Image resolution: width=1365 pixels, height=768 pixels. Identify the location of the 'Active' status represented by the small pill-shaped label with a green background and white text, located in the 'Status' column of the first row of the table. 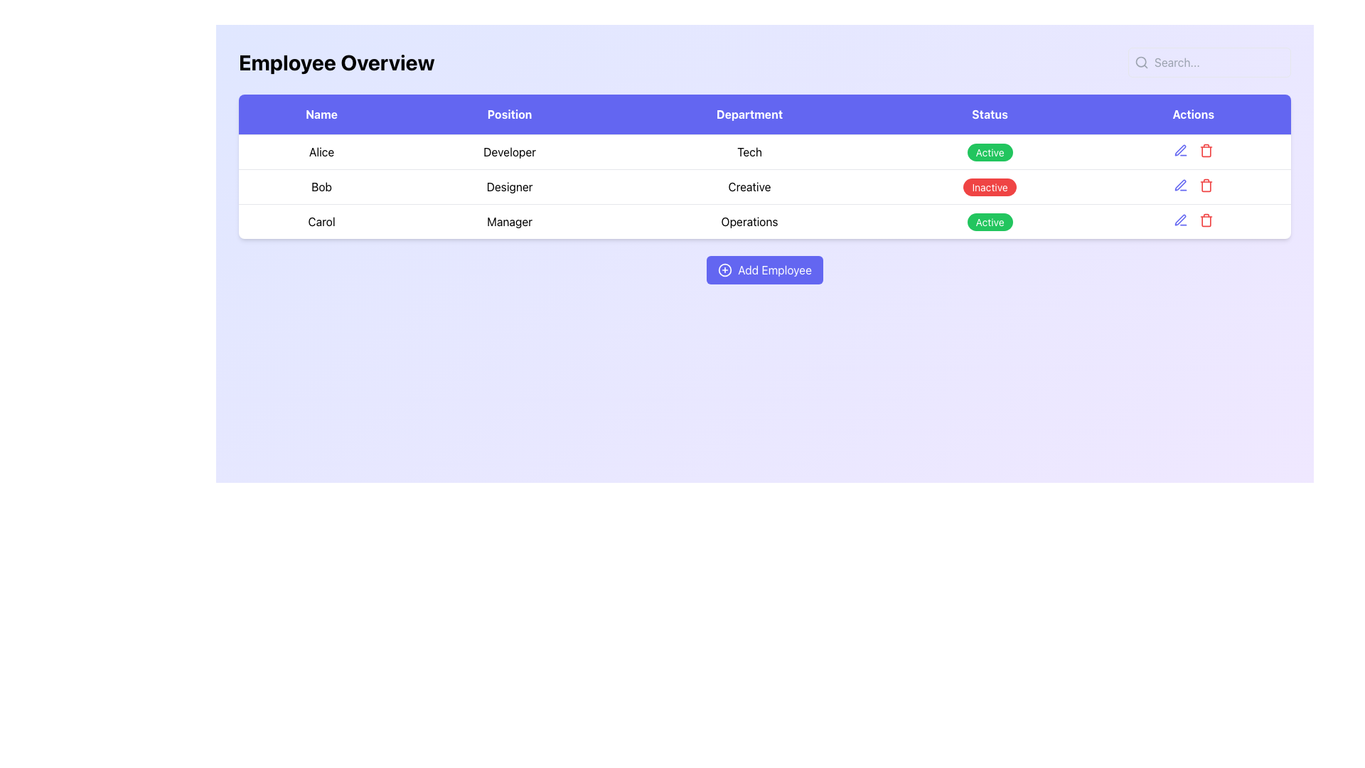
(989, 152).